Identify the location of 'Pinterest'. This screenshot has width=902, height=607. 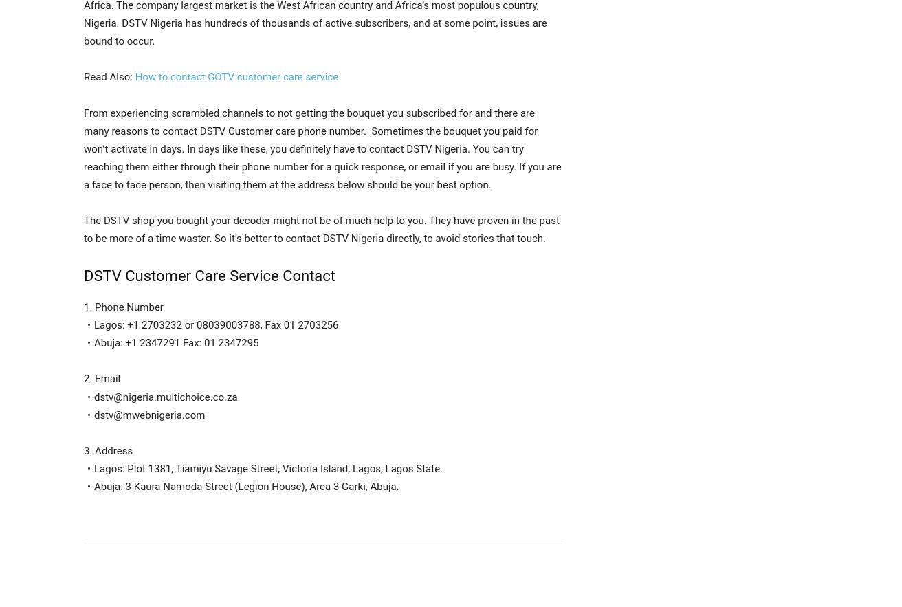
(295, 578).